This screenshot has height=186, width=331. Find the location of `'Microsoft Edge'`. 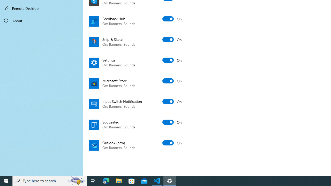

'Microsoft Edge' is located at coordinates (106, 180).